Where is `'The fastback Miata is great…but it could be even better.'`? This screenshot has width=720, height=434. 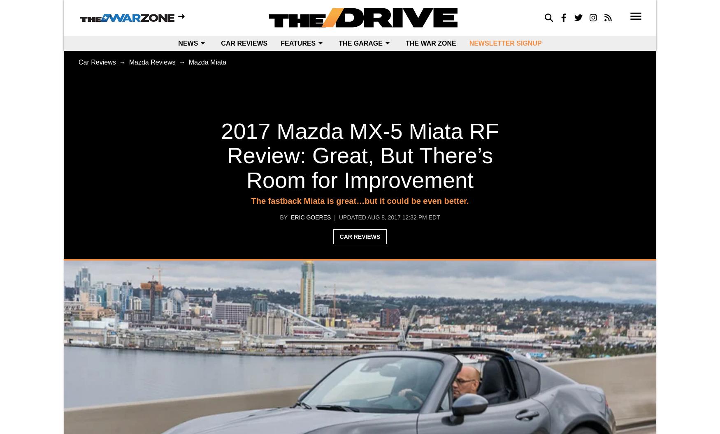
'The fastback Miata is great…but it could be even better.' is located at coordinates (360, 201).